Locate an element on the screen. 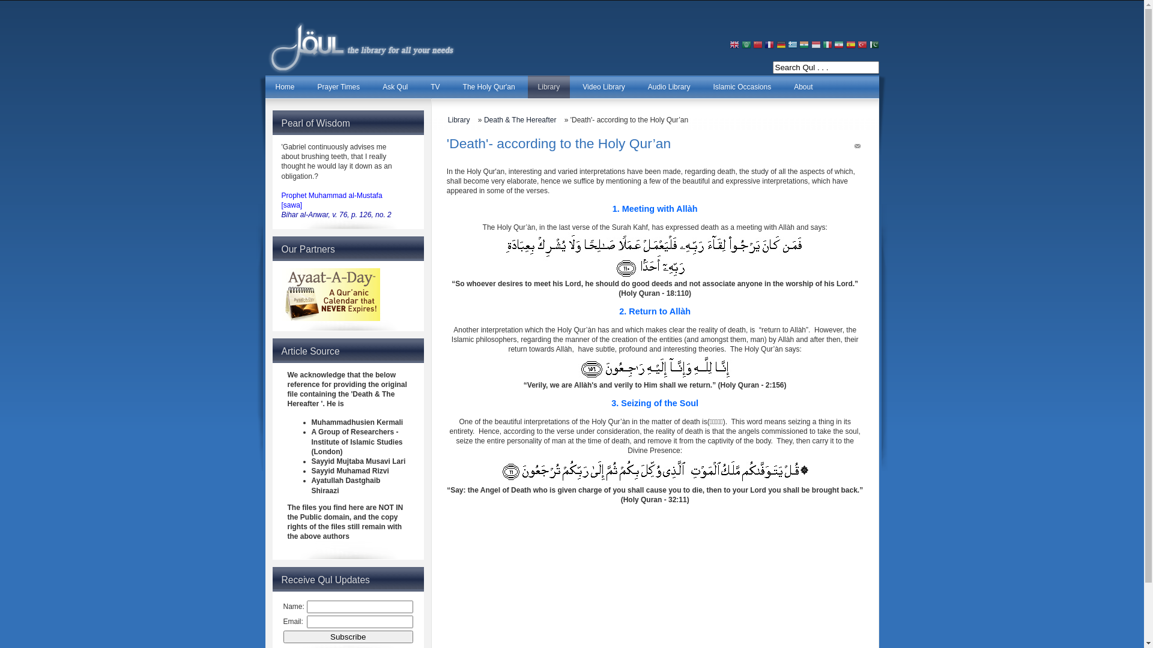  'Greek' is located at coordinates (793, 45).